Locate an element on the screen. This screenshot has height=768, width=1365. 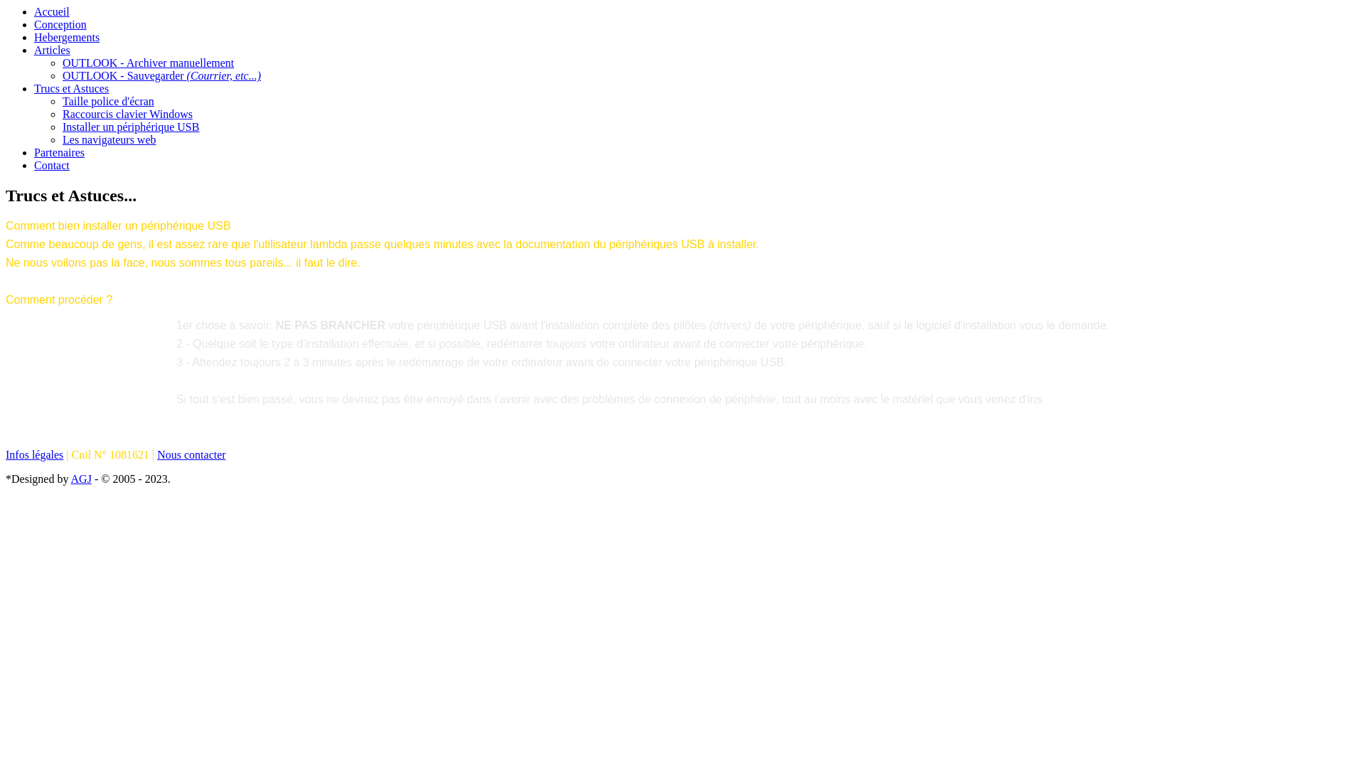
'Les navigateurs web' is located at coordinates (108, 139).